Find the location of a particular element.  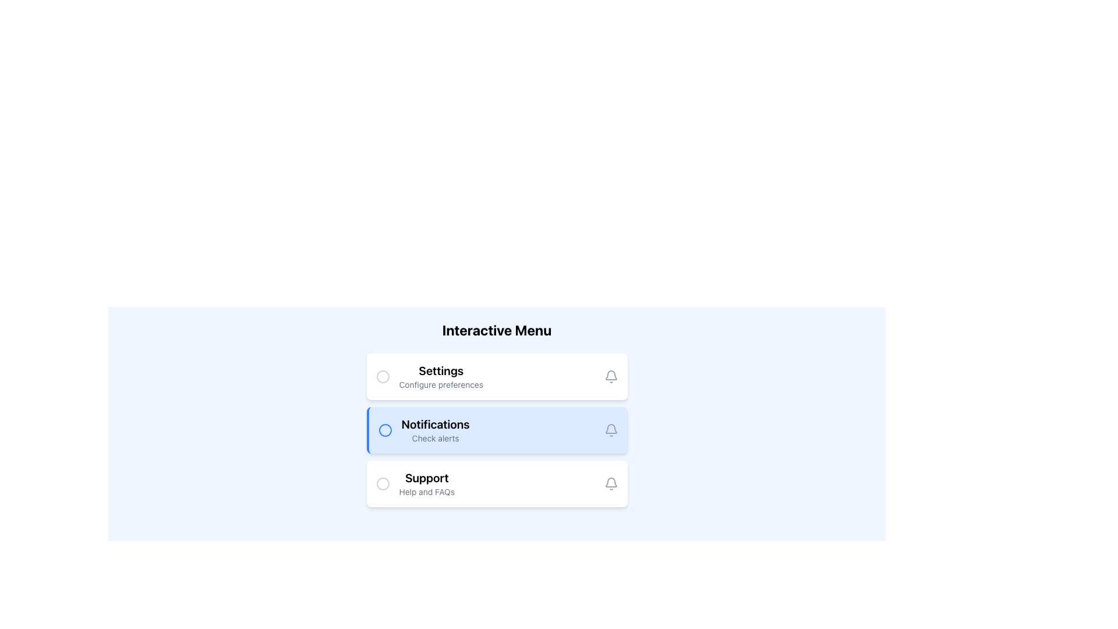

the circular SVG element with a radius of 10 units, located near the center of the 'Settings' menu item in the user interface is located at coordinates (383, 377).